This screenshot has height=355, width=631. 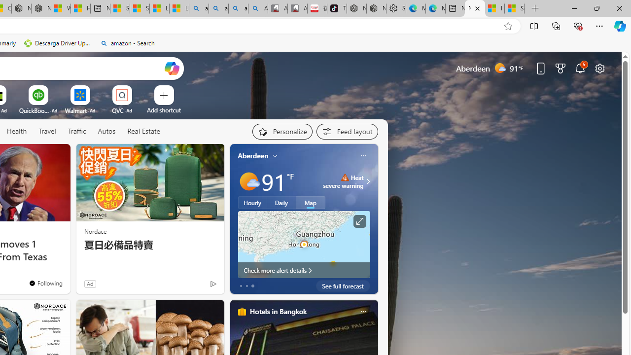 What do you see at coordinates (164, 110) in the screenshot?
I see `'Add a site'` at bounding box center [164, 110].